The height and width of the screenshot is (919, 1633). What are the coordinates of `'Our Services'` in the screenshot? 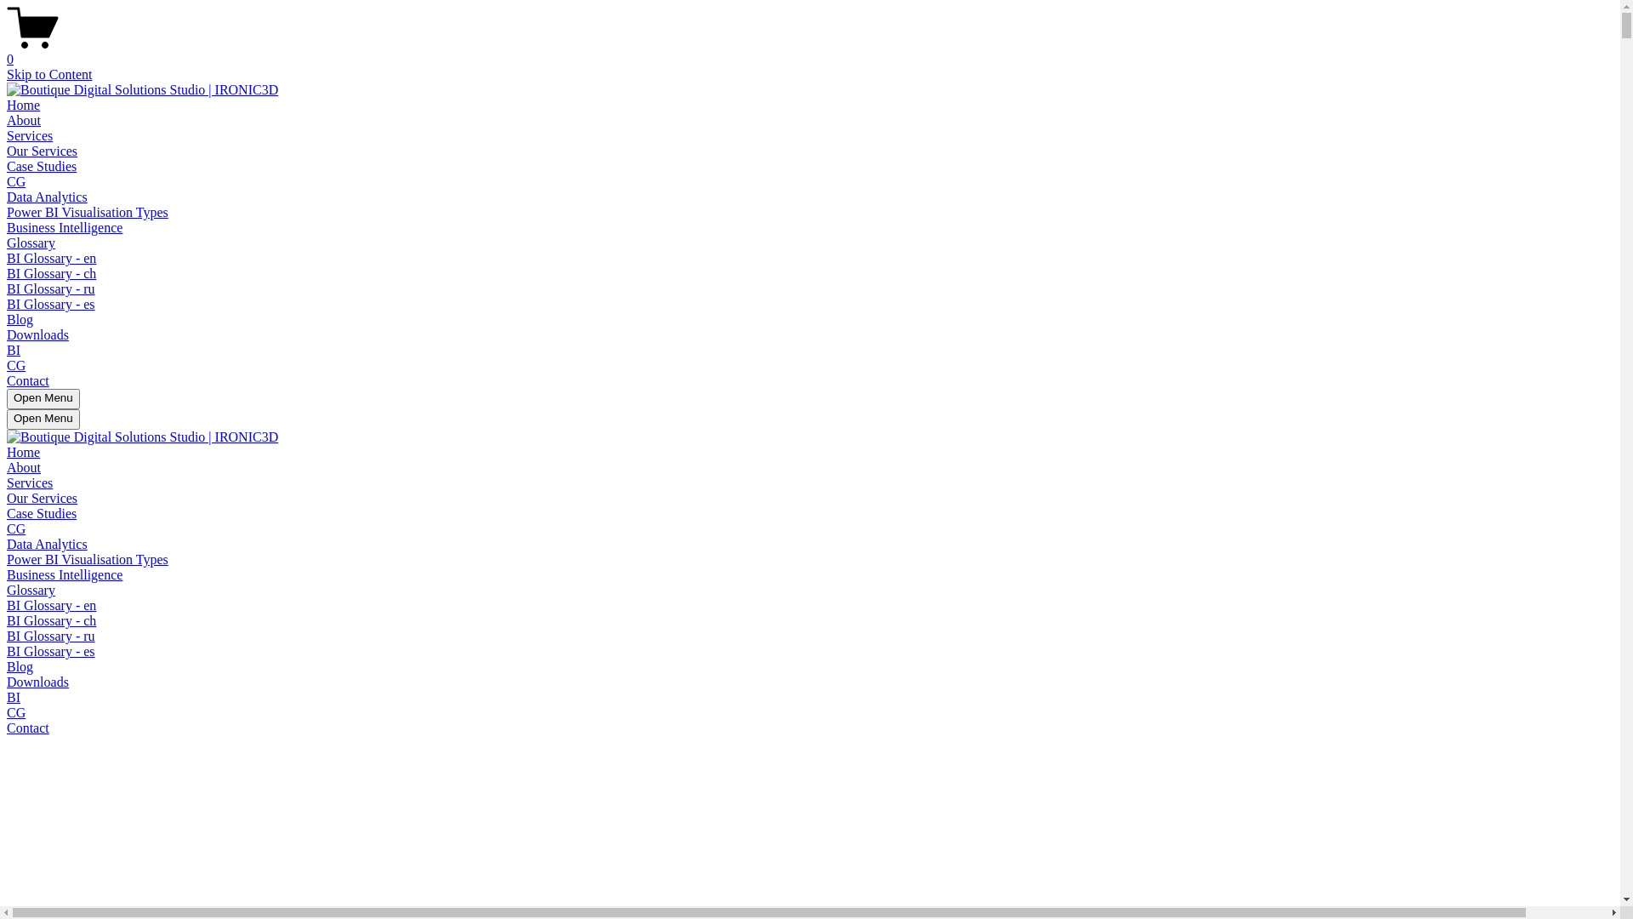 It's located at (7, 498).